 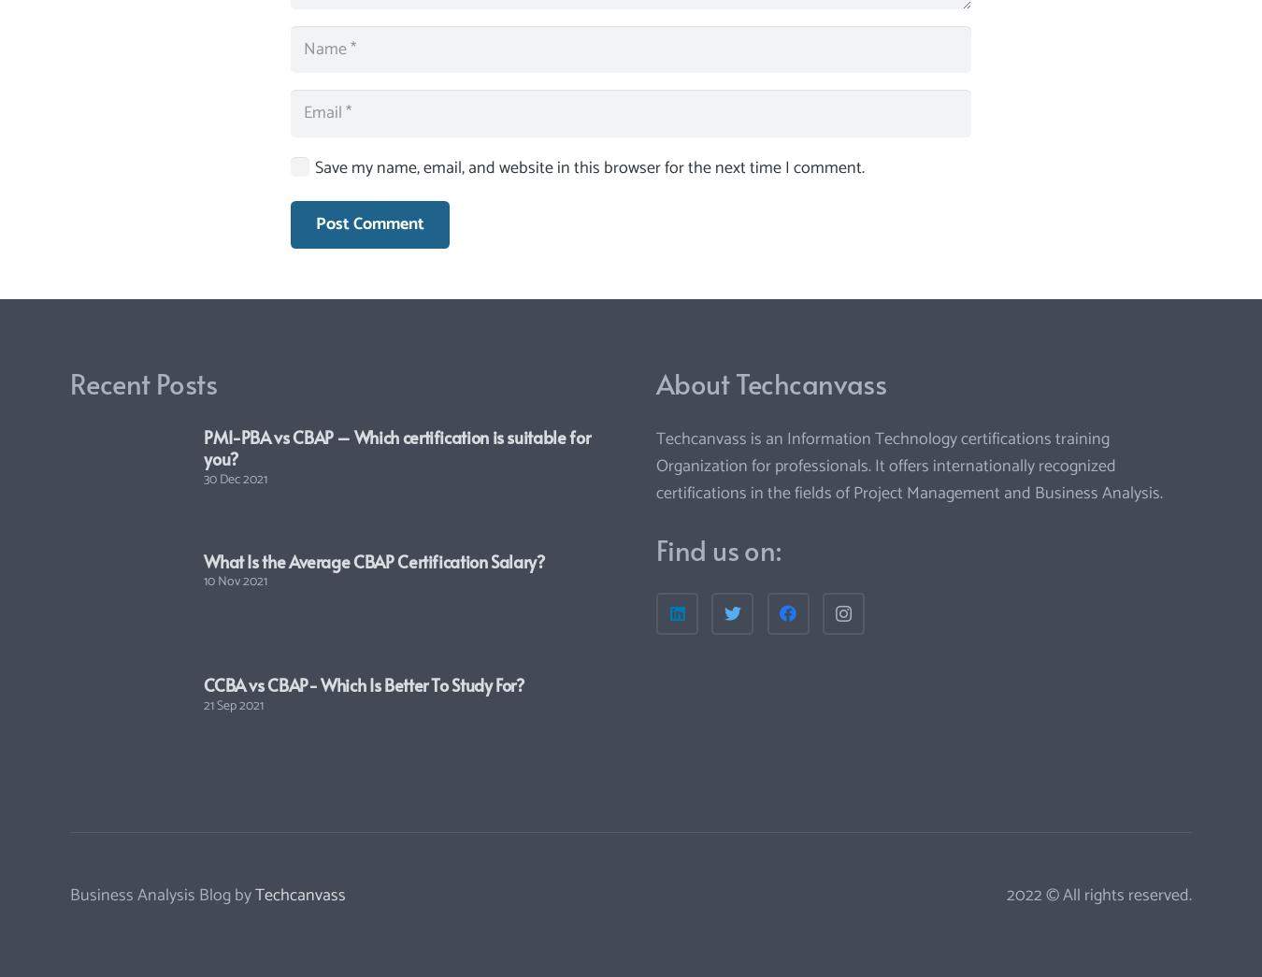 I want to click on '2022 © All rights reserved.', so click(x=1097, y=894).